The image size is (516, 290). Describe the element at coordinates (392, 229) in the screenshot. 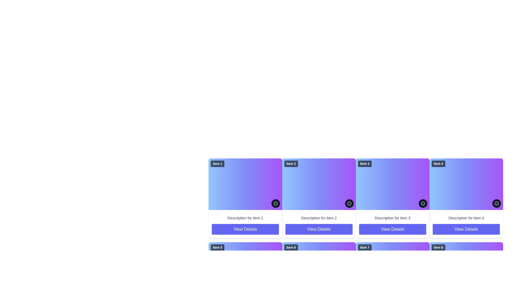

I see `the button located at the center-bottom of the 'Description for item 3' card` at that location.